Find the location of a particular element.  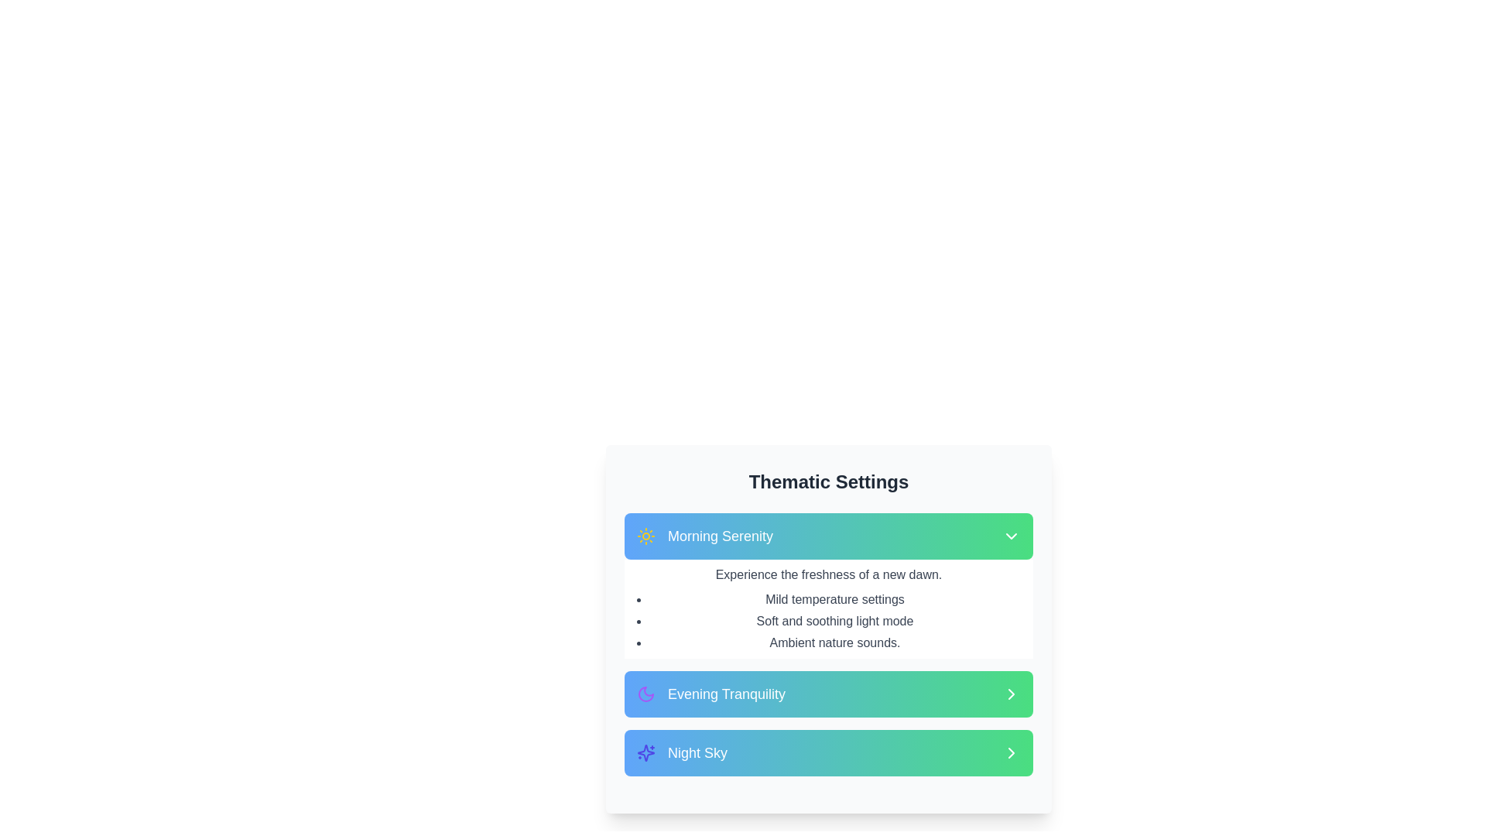

the rightward-pointing chevron icon, which is a minimalistic SVG graphic styled with a thin stroke, located at the end of the 'Evening Tranquility' button is located at coordinates (1011, 694).